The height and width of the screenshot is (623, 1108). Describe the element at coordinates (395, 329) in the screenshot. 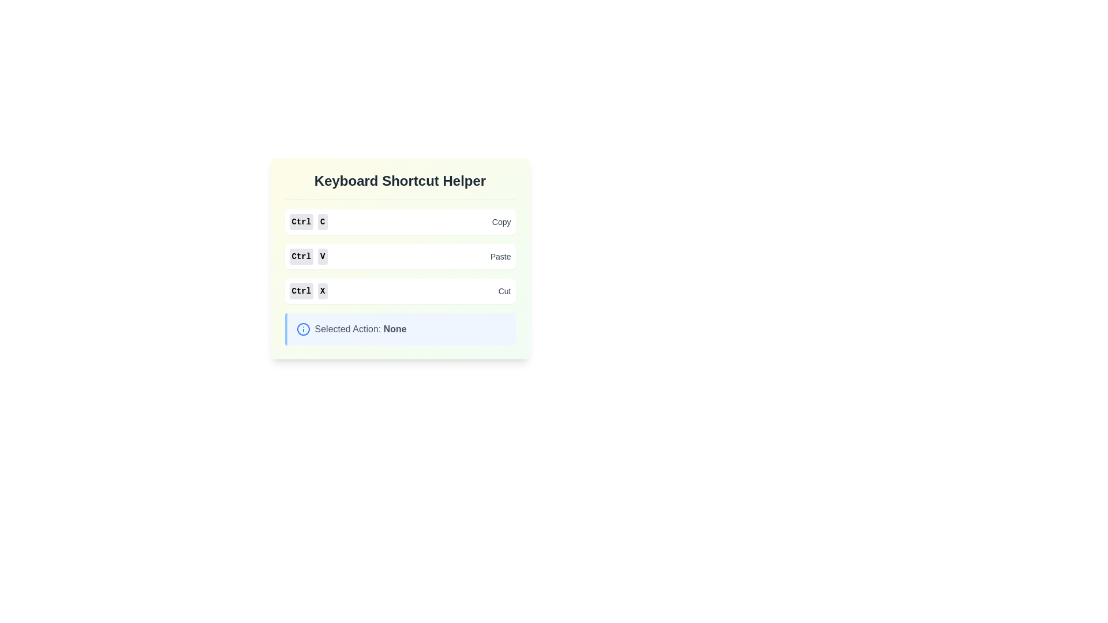

I see `the text label displaying 'None'` at that location.